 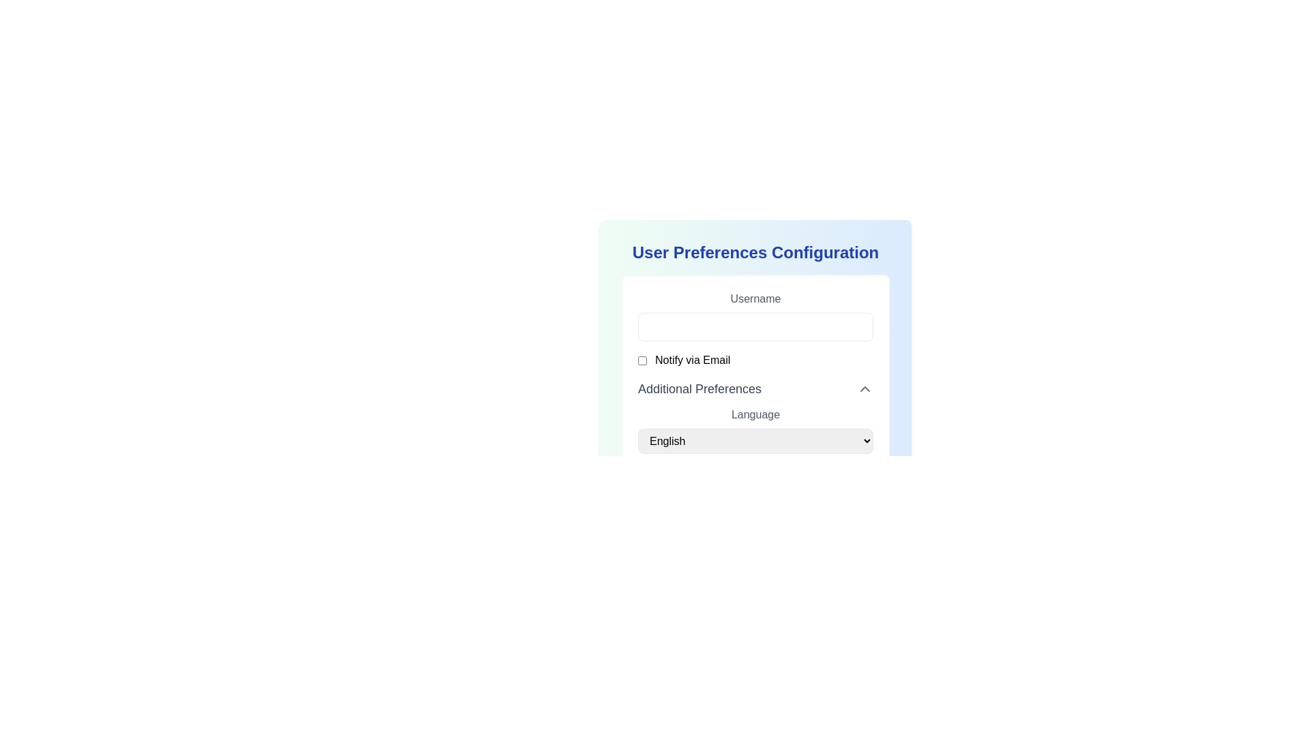 I want to click on the small square checkbox next to the text 'Notify via Email', so click(x=642, y=359).